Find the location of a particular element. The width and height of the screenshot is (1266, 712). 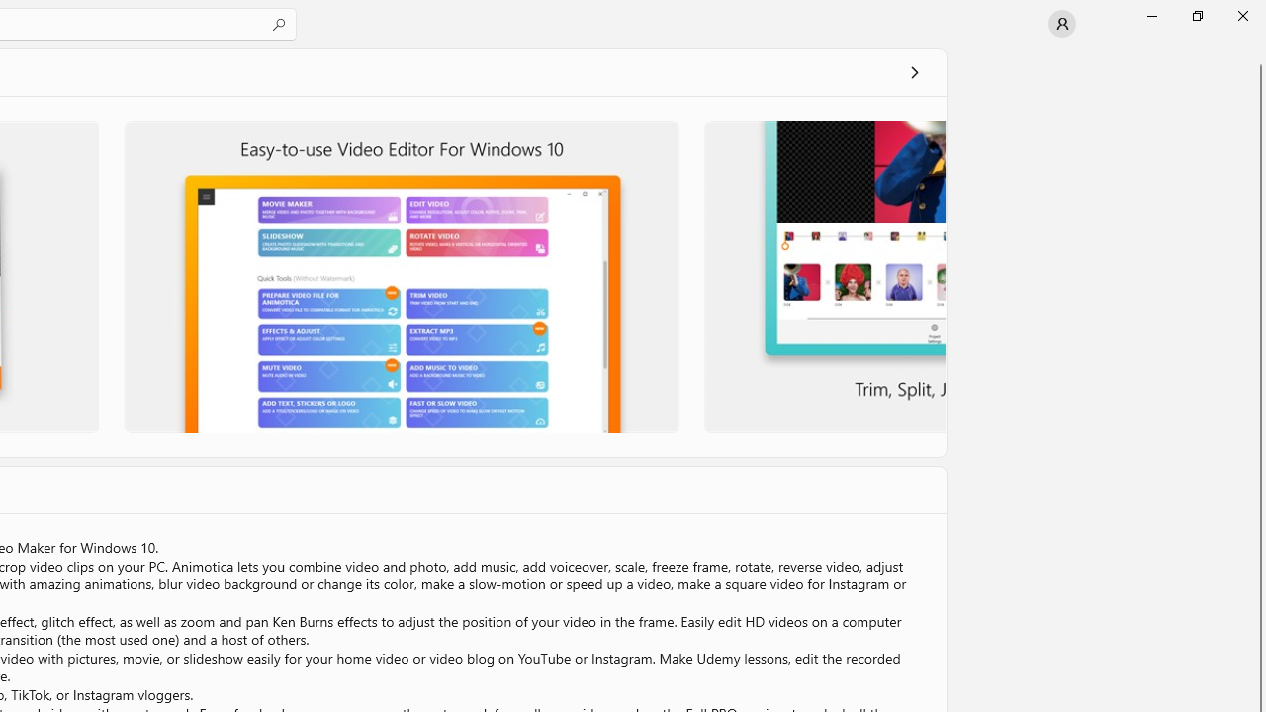

'Minimize Microsoft Store' is located at coordinates (1151, 15).